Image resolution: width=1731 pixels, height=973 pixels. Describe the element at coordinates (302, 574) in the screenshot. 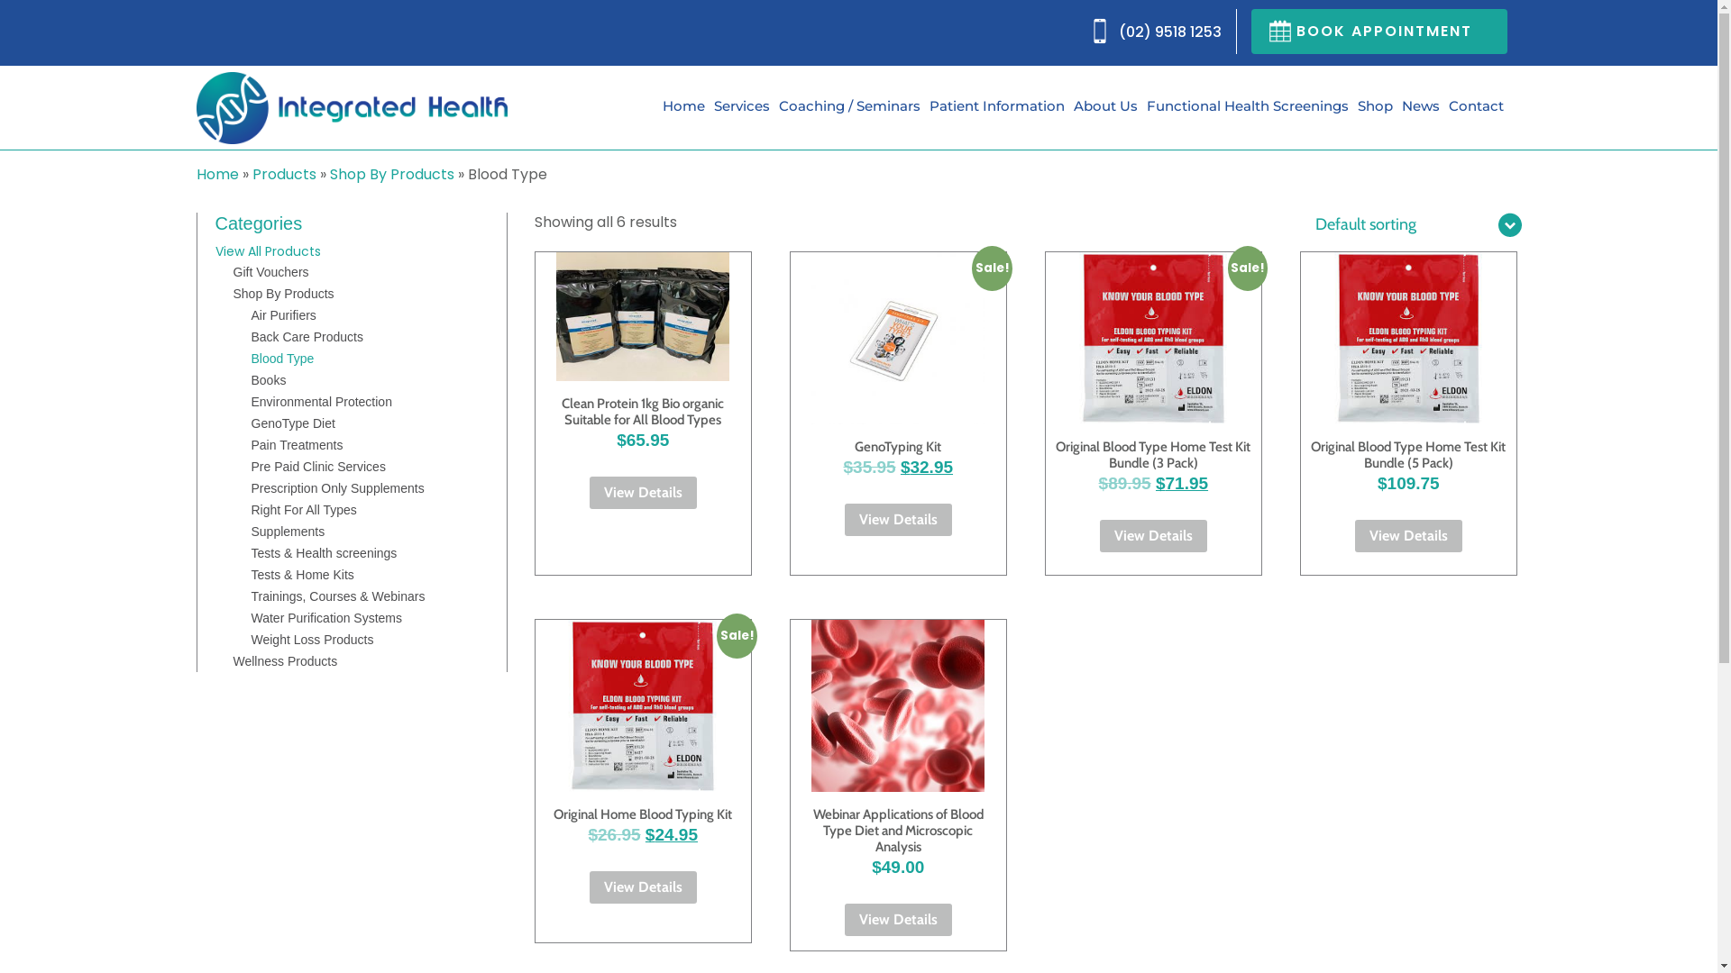

I see `'Tests & Home Kits'` at that location.